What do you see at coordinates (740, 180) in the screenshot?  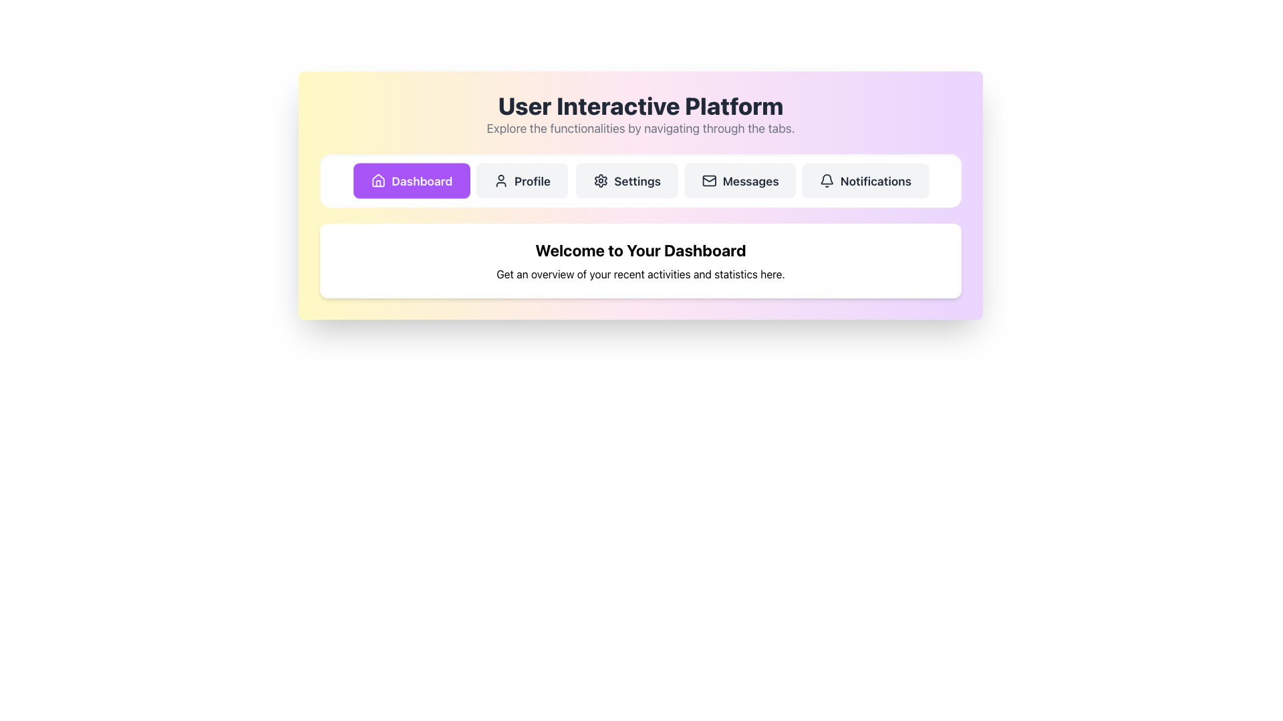 I see `the 'Messages' button, which is a rounded button with a mail icon and bold text, to observe its interactive visual changes` at bounding box center [740, 180].